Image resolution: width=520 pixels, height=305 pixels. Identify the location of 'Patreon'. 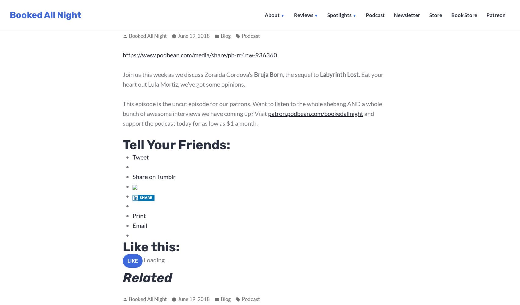
(496, 15).